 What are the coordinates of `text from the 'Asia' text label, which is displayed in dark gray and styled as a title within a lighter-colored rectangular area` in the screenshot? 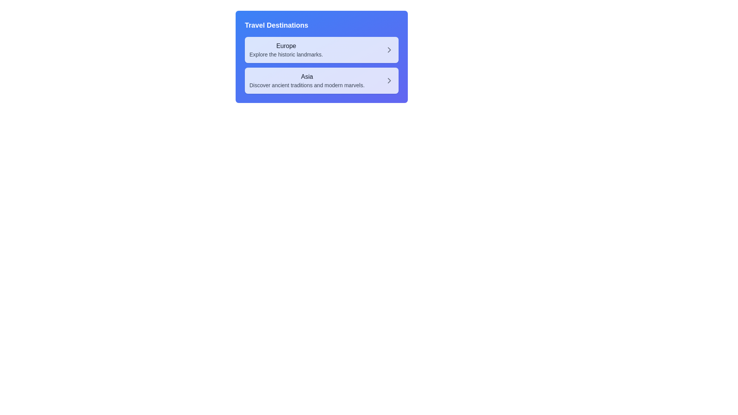 It's located at (306, 77).